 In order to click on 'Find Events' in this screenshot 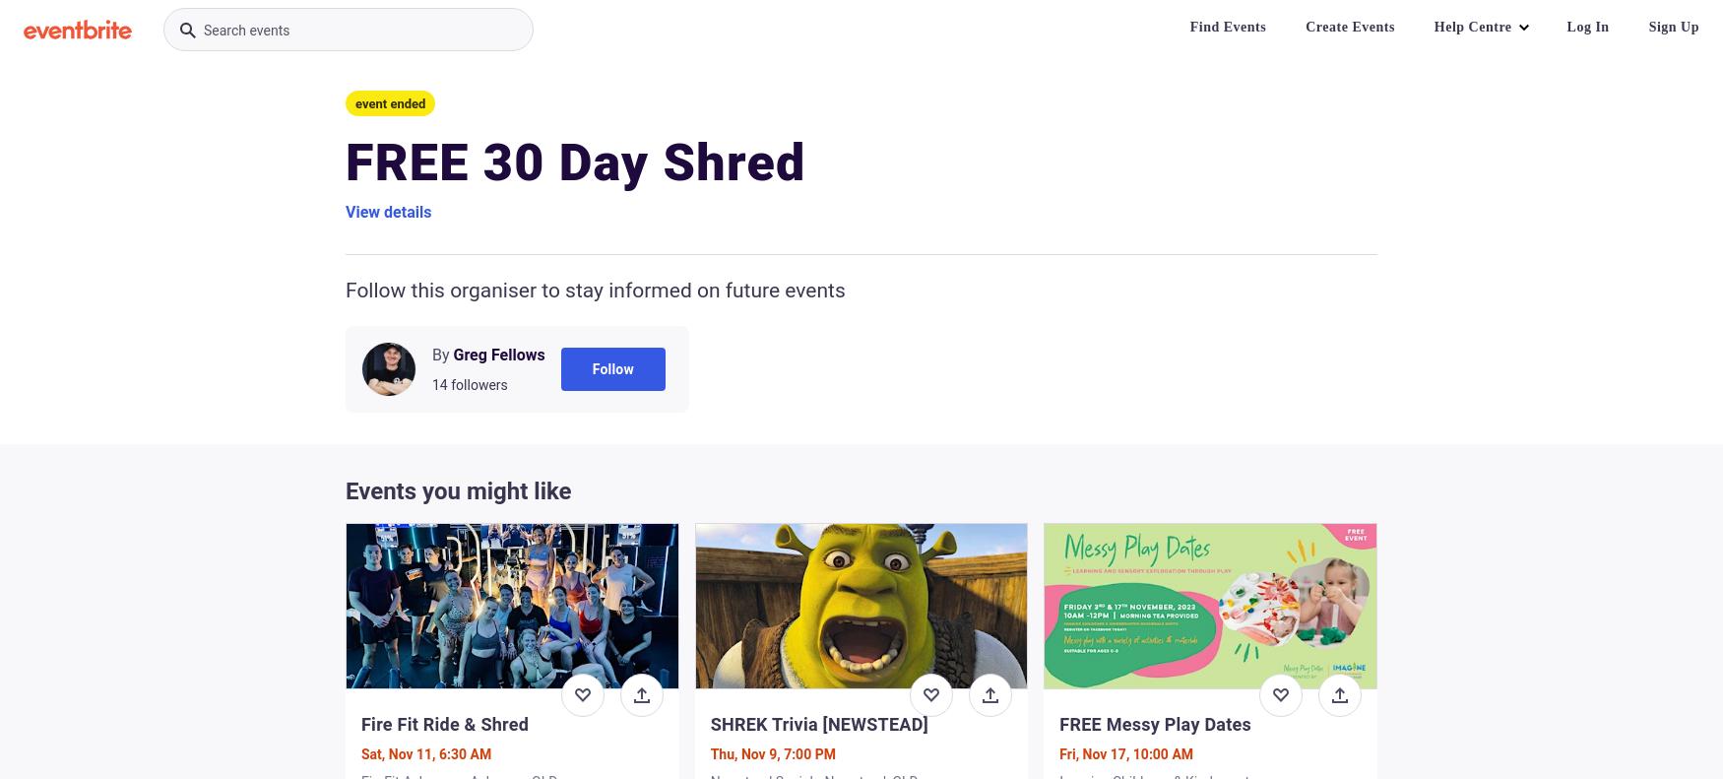, I will do `click(1189, 26)`.